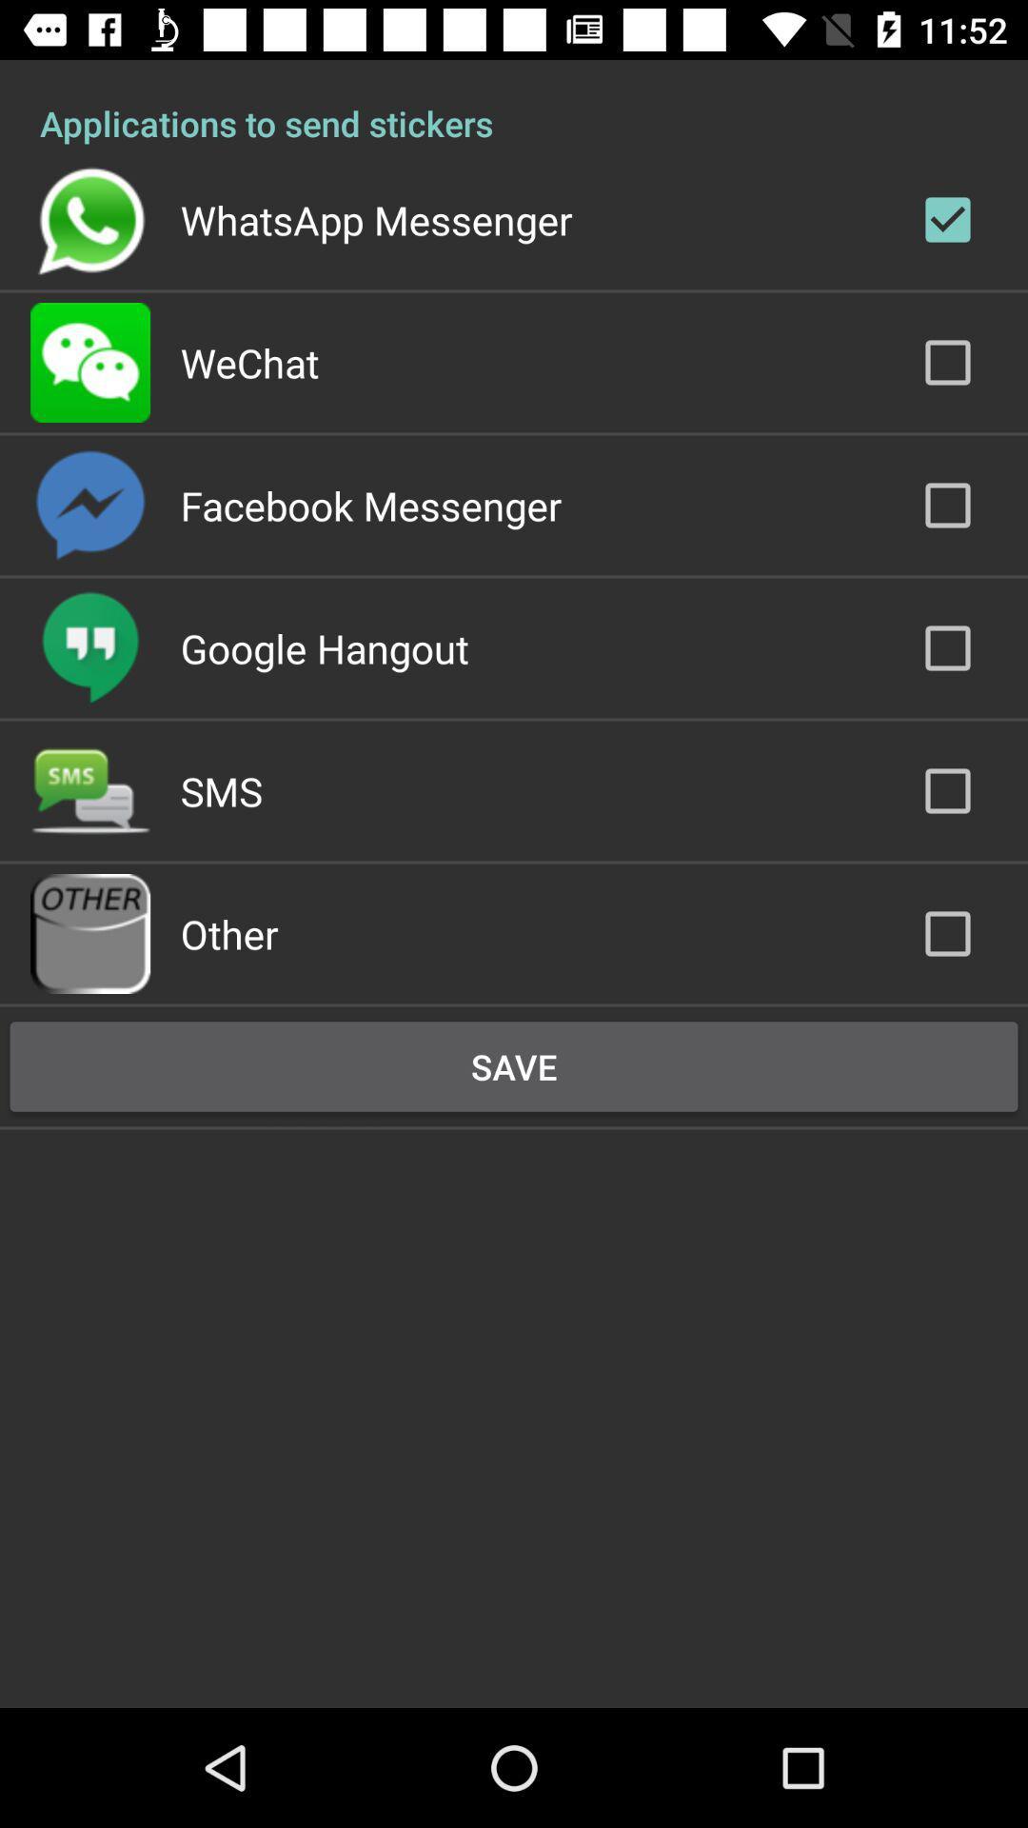 The height and width of the screenshot is (1828, 1028). Describe the element at coordinates (370, 506) in the screenshot. I see `the facebook messenger` at that location.